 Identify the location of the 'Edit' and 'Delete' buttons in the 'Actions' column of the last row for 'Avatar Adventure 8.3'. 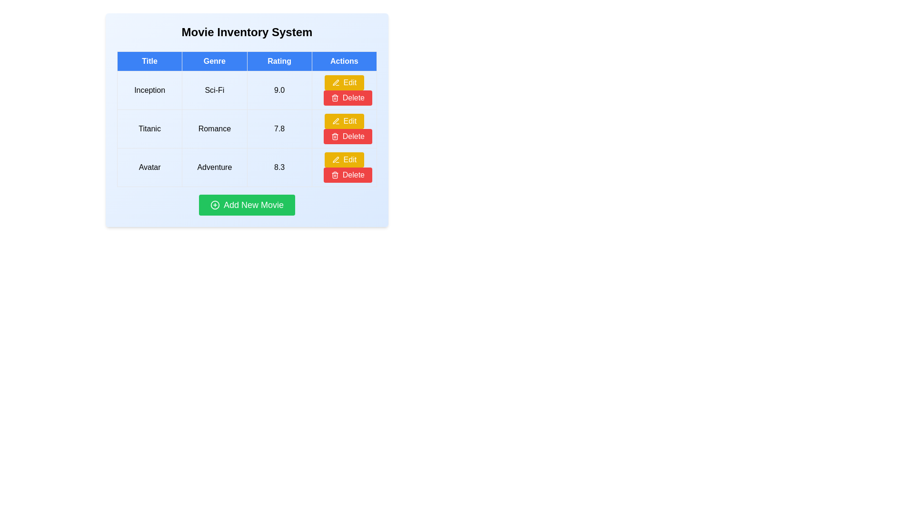
(344, 167).